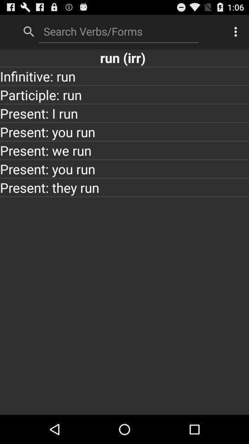 The image size is (249, 444). What do you see at coordinates (119, 31) in the screenshot?
I see `the icon above run (irr)  item` at bounding box center [119, 31].